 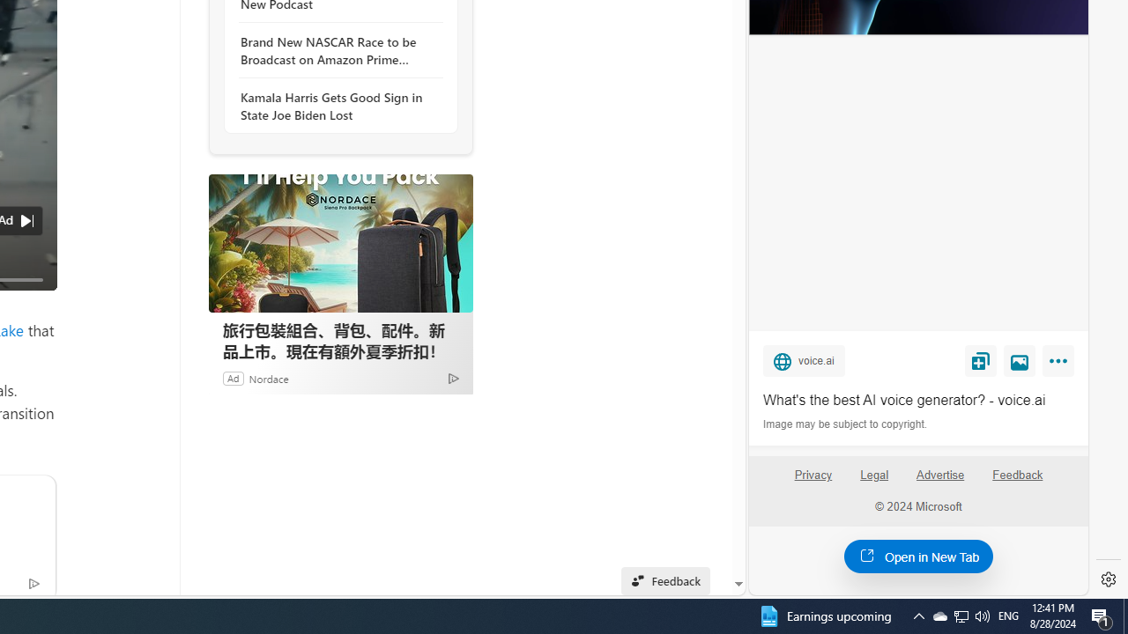 What do you see at coordinates (812, 482) in the screenshot?
I see `'Privacy'` at bounding box center [812, 482].